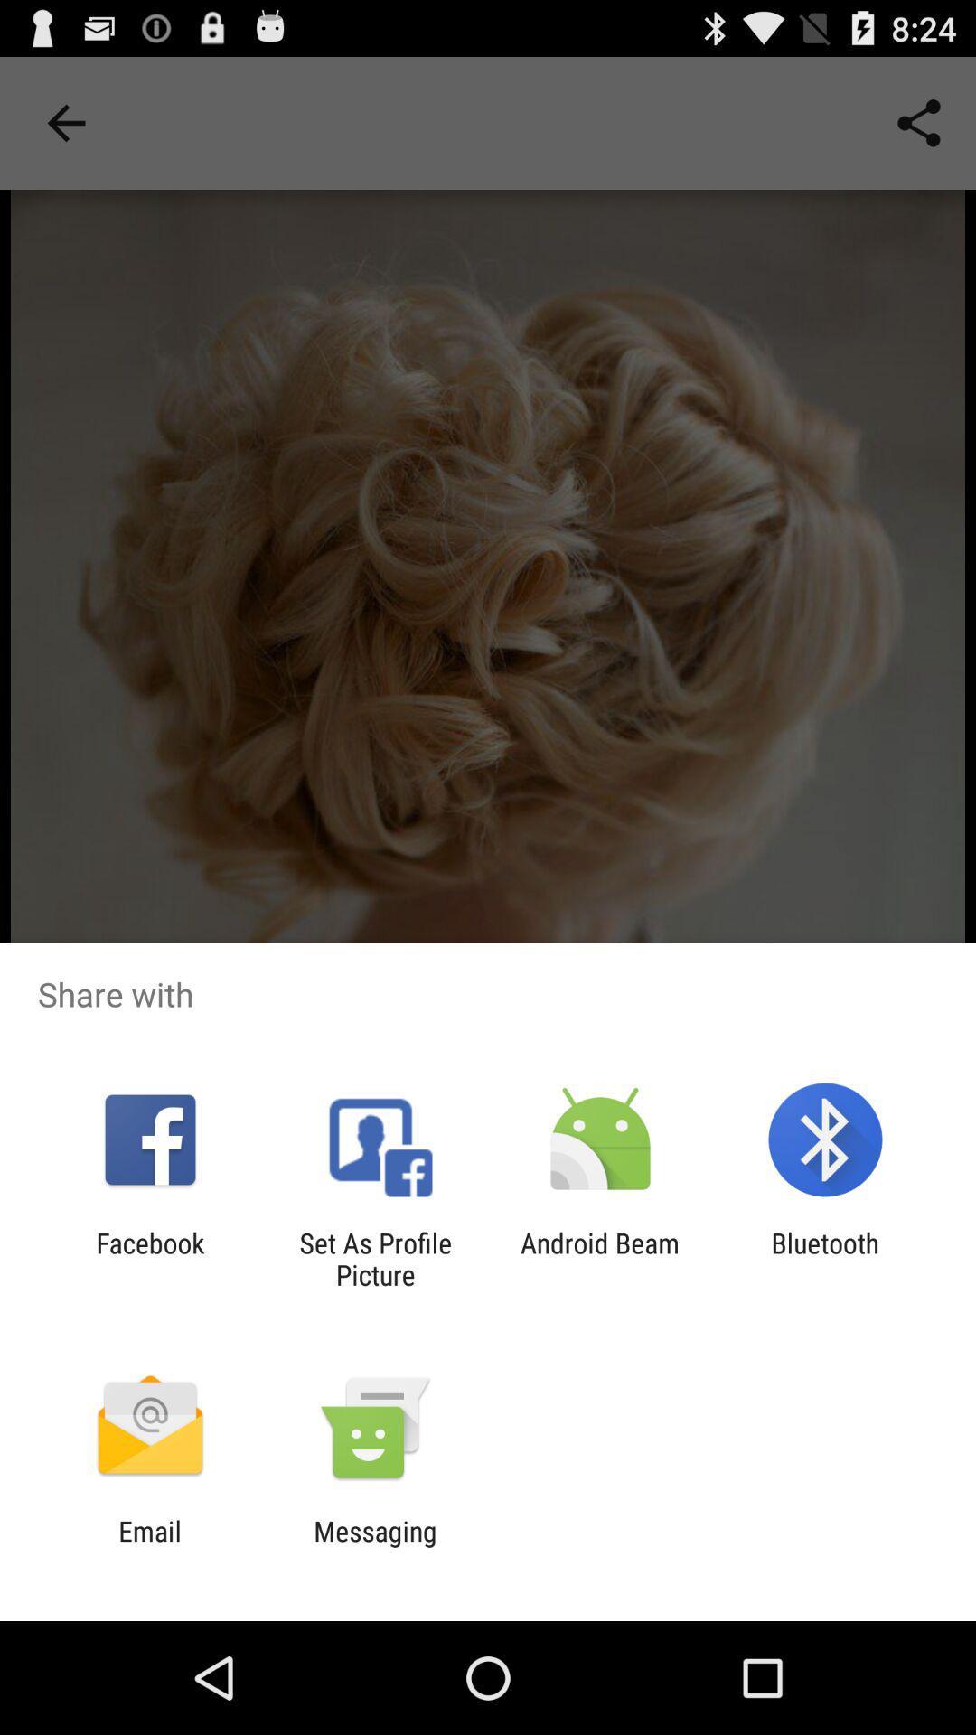  Describe the element at coordinates (374, 1546) in the screenshot. I see `messaging` at that location.